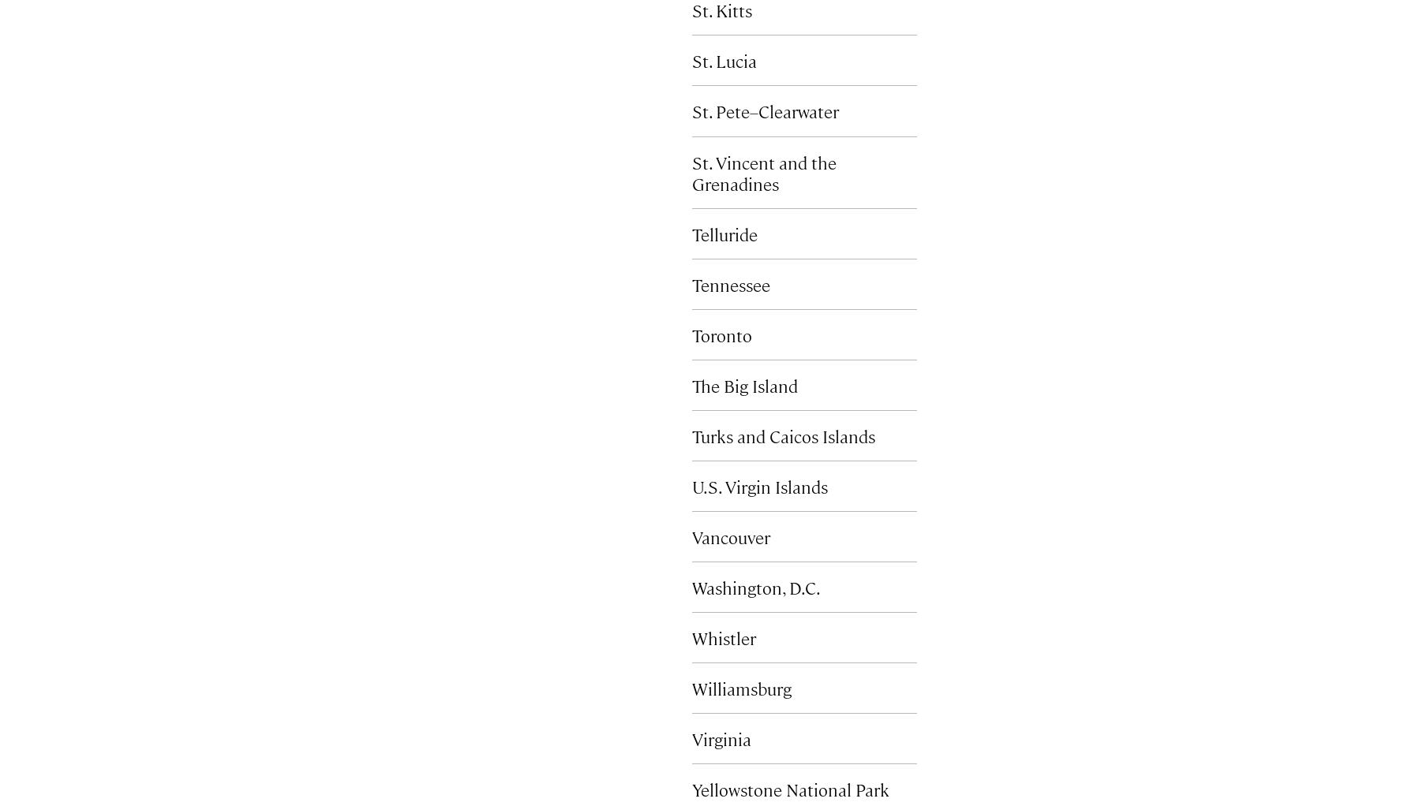  I want to click on 'St. Pete–Clearwater', so click(765, 110).